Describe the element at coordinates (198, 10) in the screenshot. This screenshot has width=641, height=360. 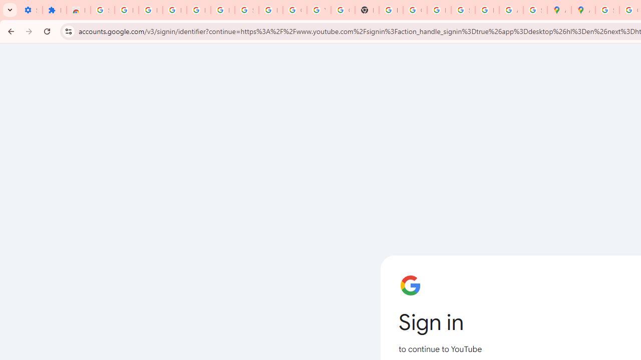
I see `'Learn how to find your photos - Google Photos Help'` at that location.